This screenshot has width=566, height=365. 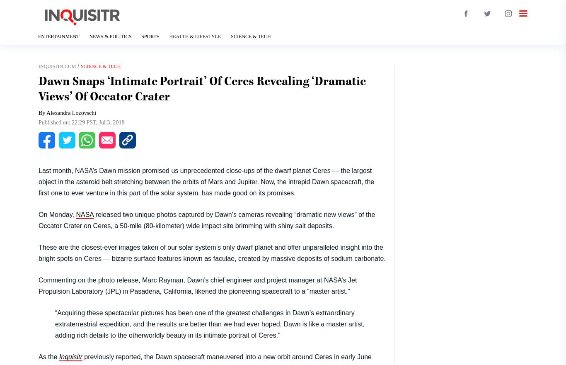 What do you see at coordinates (206, 181) in the screenshot?
I see `'Last month, NASA’s Dawn mission promised us unprecedented close-ups of the dwarf planet Ceres — the largest object in the asteroid belt stretching between the orbits of Mars and Jupiter. Now, the intrepid Dawn spacecraft, the first one to ever venture in this part of the solar system, has made good on its promises.'` at bounding box center [206, 181].